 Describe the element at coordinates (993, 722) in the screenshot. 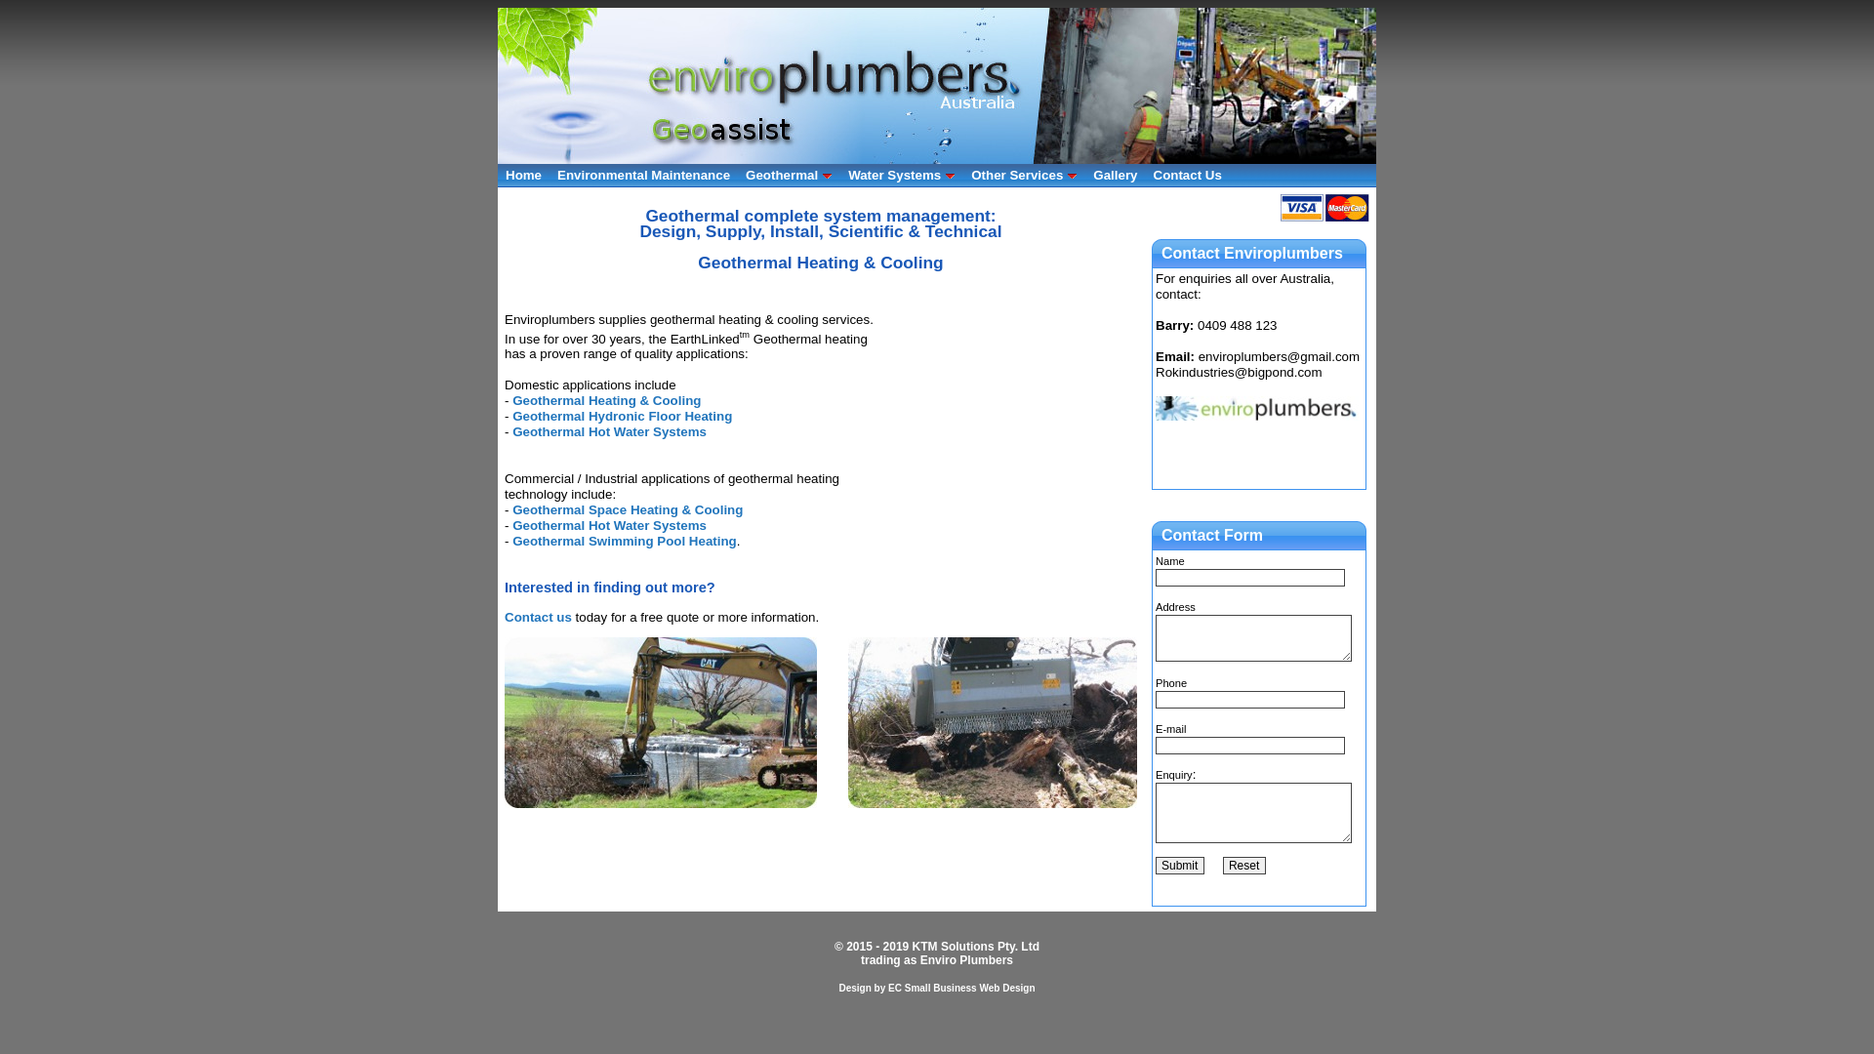

I see `'Stormwater & Drainage'` at that location.